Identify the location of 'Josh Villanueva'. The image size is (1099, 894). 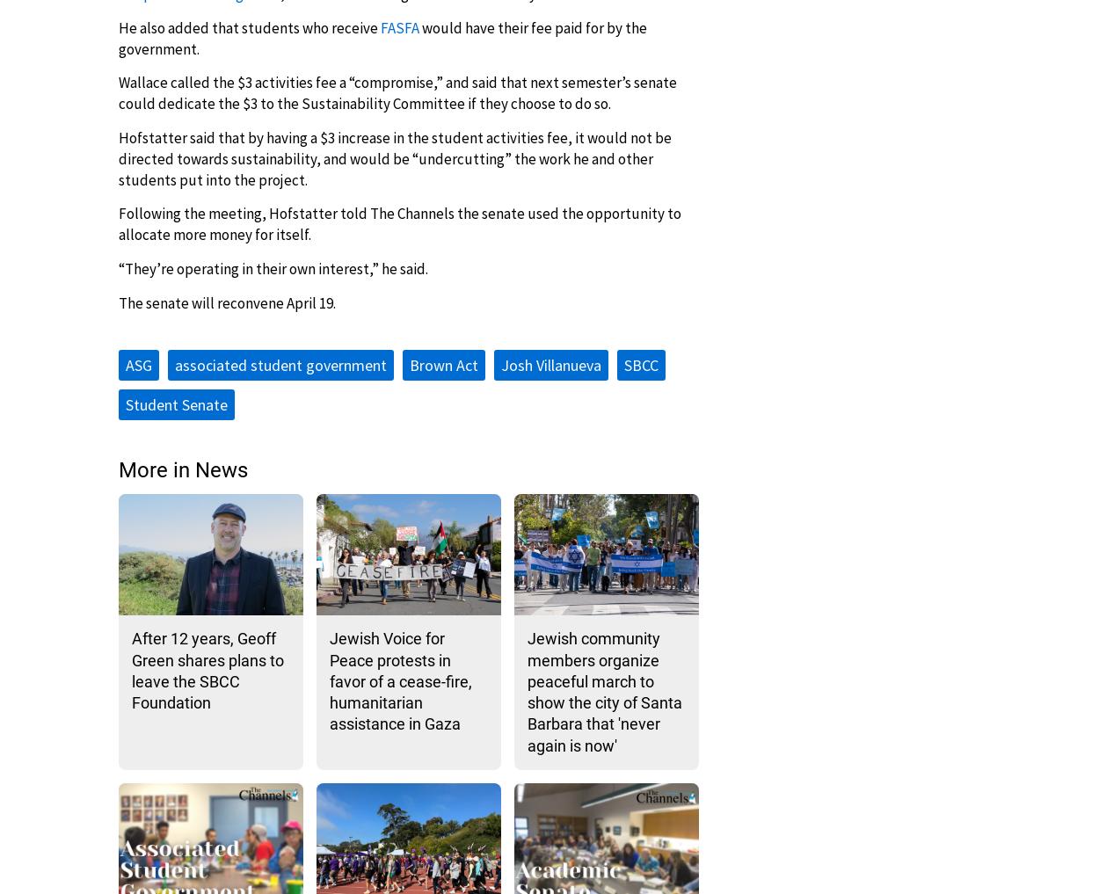
(551, 364).